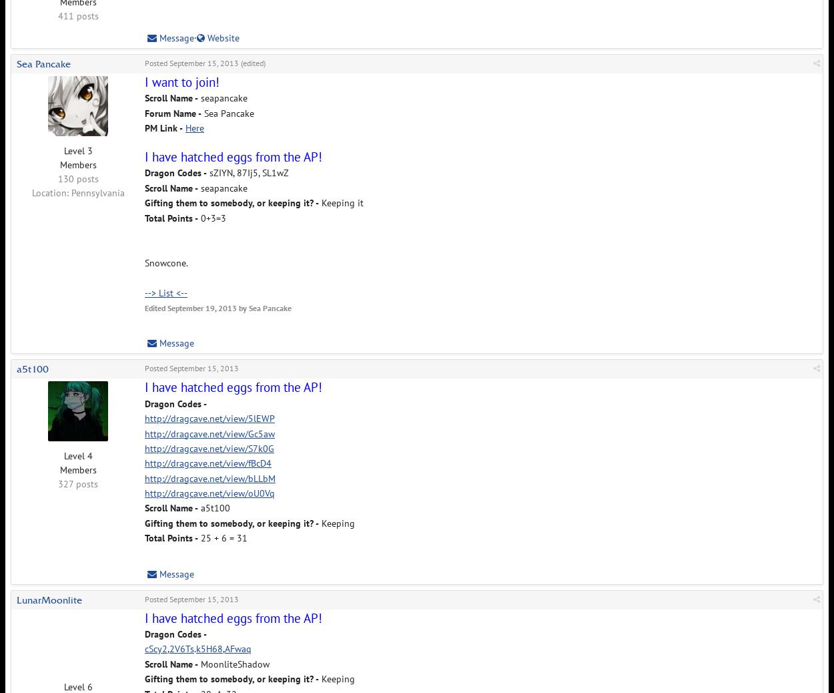  Describe the element at coordinates (77, 455) in the screenshot. I see `'Level 4'` at that location.